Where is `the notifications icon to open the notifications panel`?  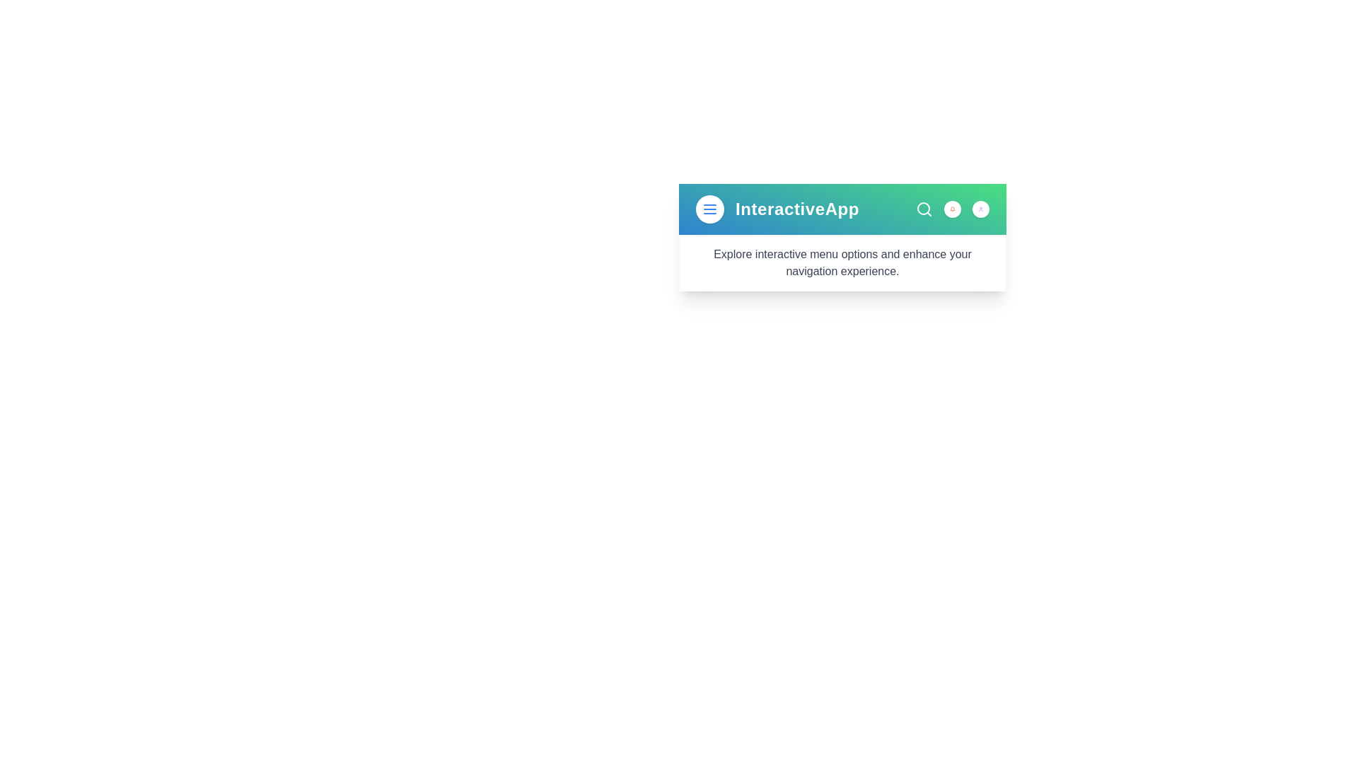
the notifications icon to open the notifications panel is located at coordinates (953, 209).